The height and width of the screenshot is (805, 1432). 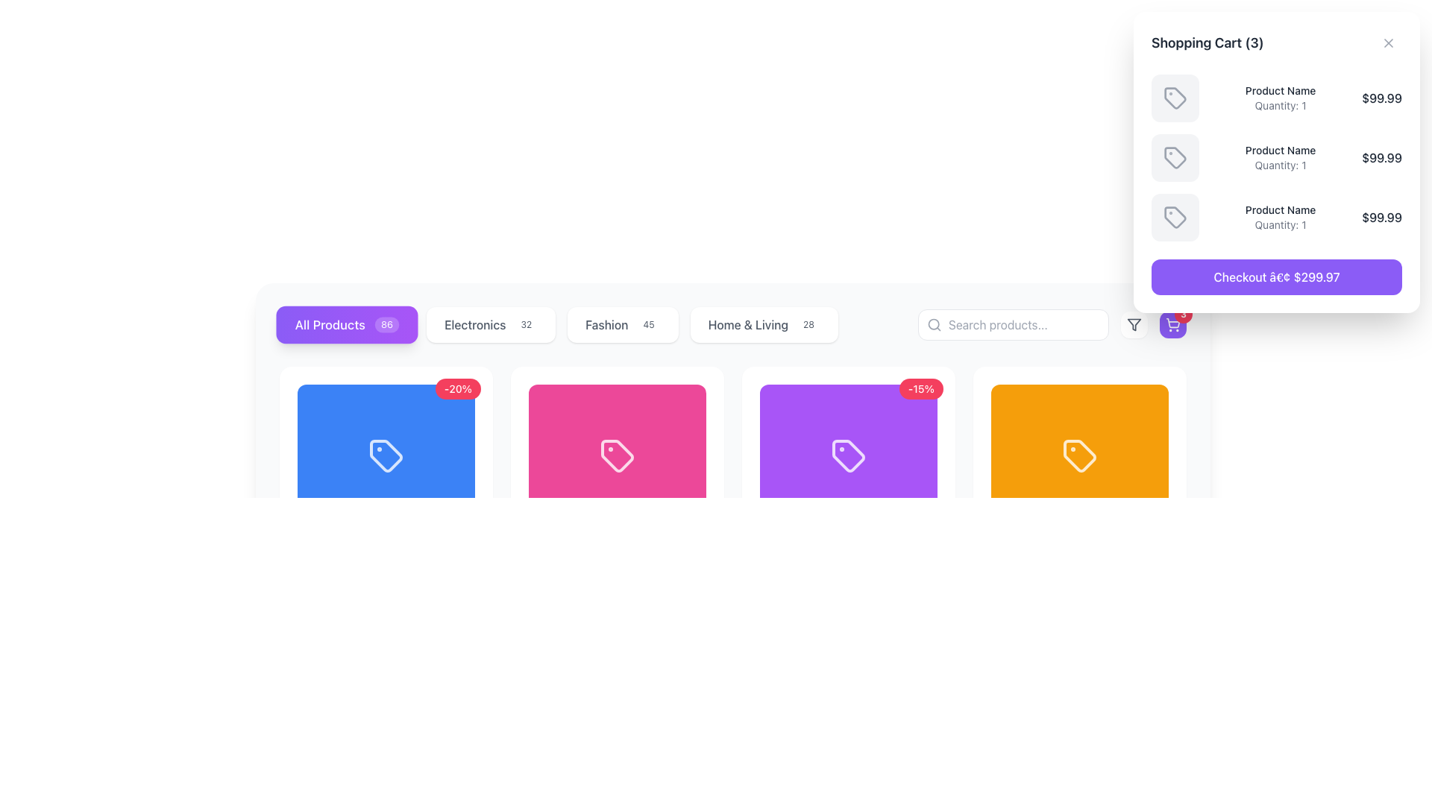 What do you see at coordinates (618, 455) in the screenshot?
I see `the price tag icon rendered in light pink color located in the second position from the left within the vivid pink card under the 'All Products' tab` at bounding box center [618, 455].